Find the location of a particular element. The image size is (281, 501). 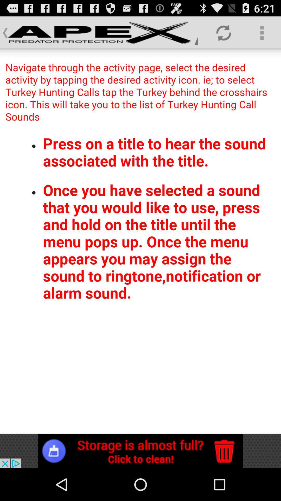

click bottom advertisement is located at coordinates (140, 451).